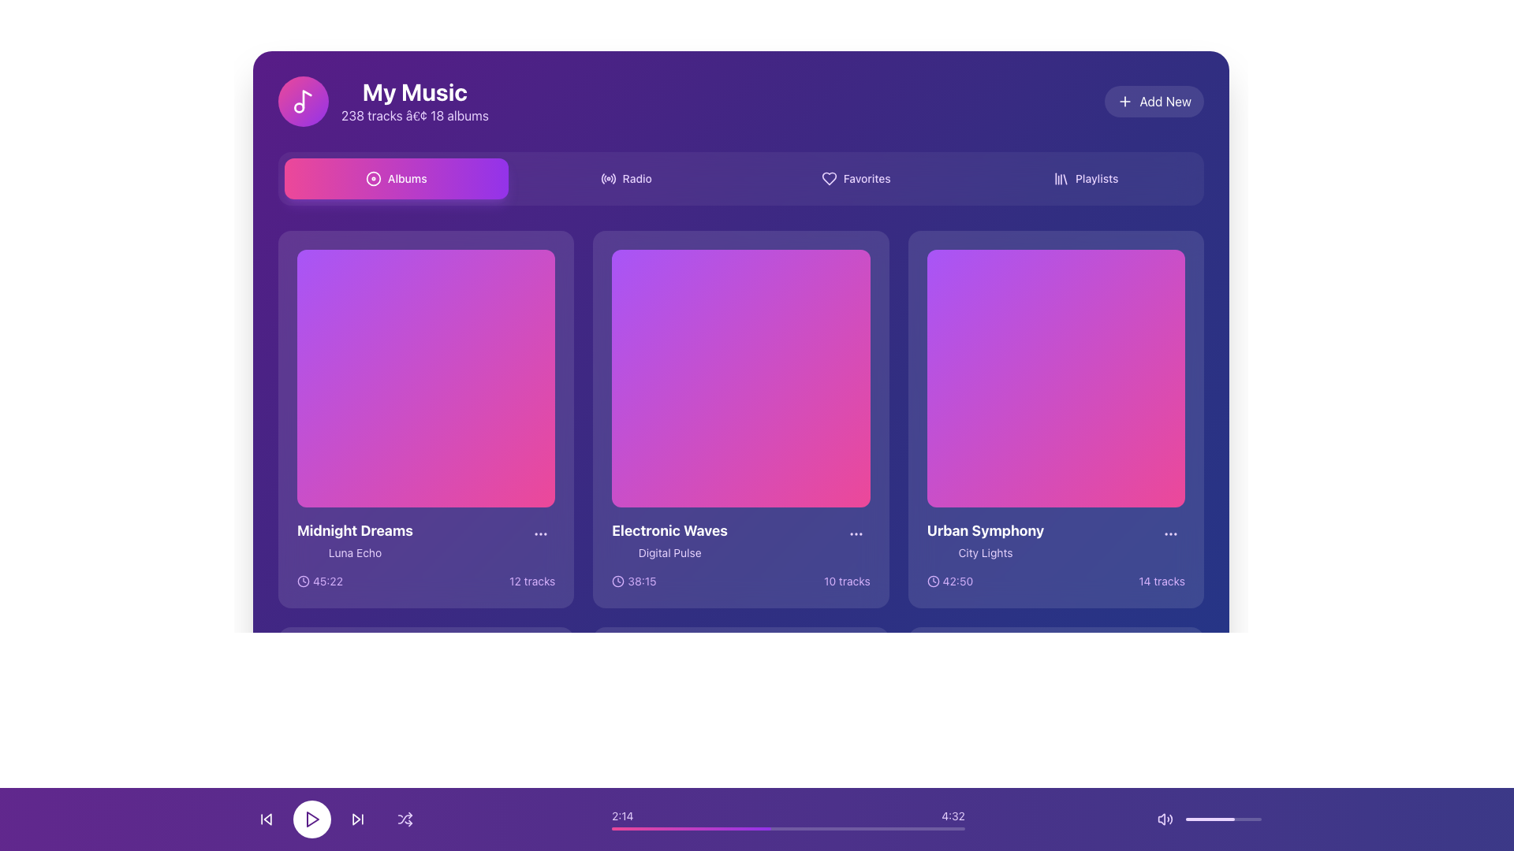 This screenshot has height=851, width=1514. Describe the element at coordinates (949, 582) in the screenshot. I see `the informational label displaying a clock icon and the time '42:50', located at the bottom-left corner of the 'Urban Symphony' card, below the subtitle 'City Lights'` at that location.